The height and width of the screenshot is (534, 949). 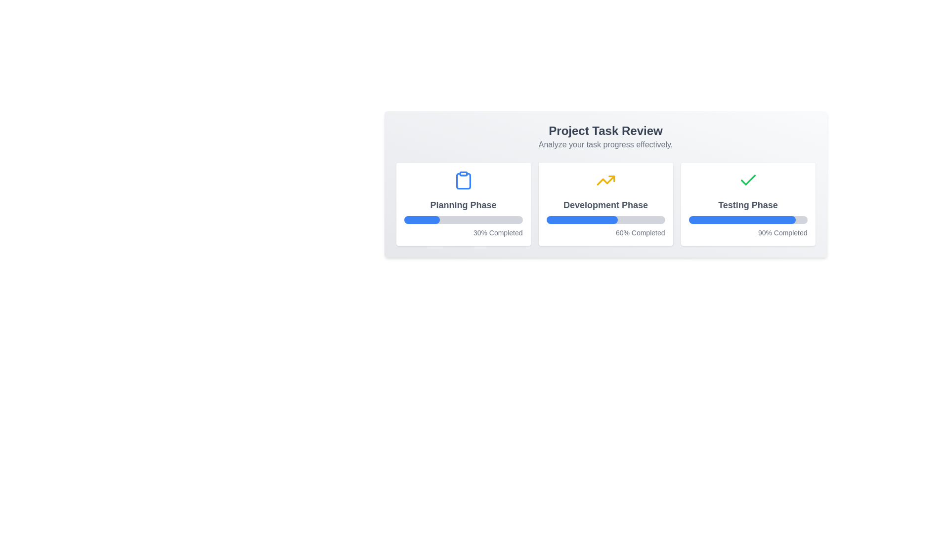 I want to click on the progress visually by interacting with the blue progress indicator bar that is part of the first progress bar under the 'Planning Phase' section, so click(x=422, y=219).